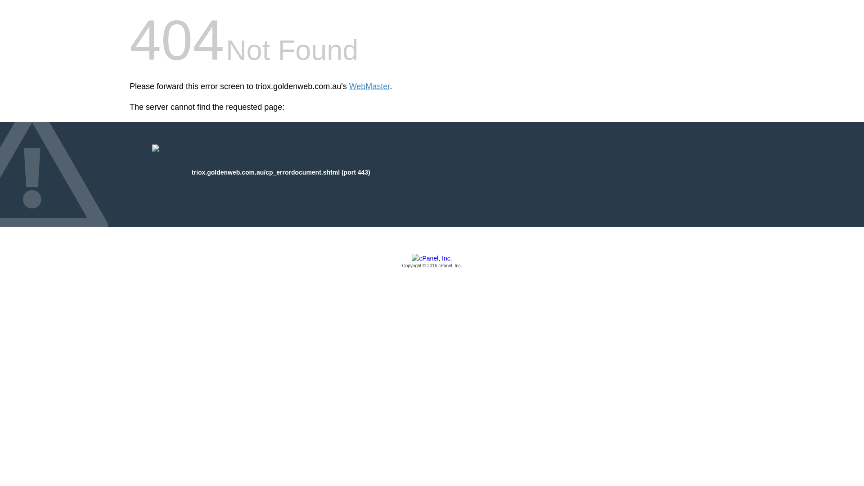 This screenshot has width=864, height=486. Describe the element at coordinates (369, 86) in the screenshot. I see `'WebMaster'` at that location.